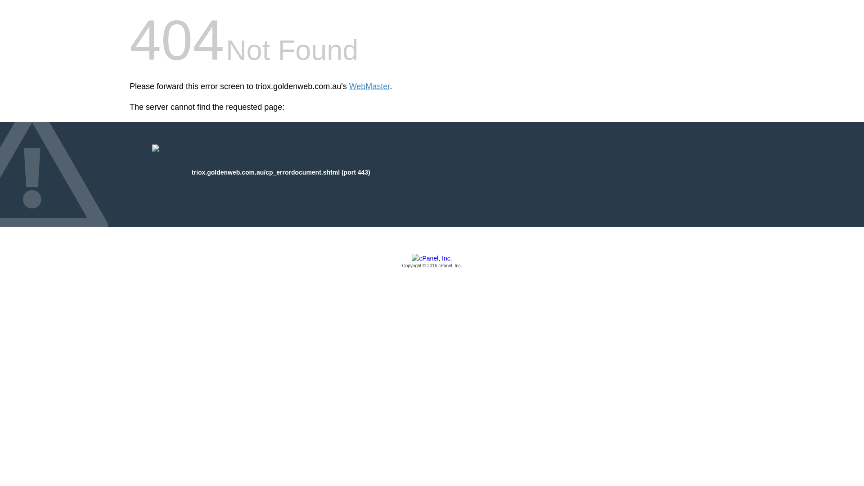 This screenshot has width=864, height=486. Describe the element at coordinates (369, 86) in the screenshot. I see `'WebMaster'` at that location.